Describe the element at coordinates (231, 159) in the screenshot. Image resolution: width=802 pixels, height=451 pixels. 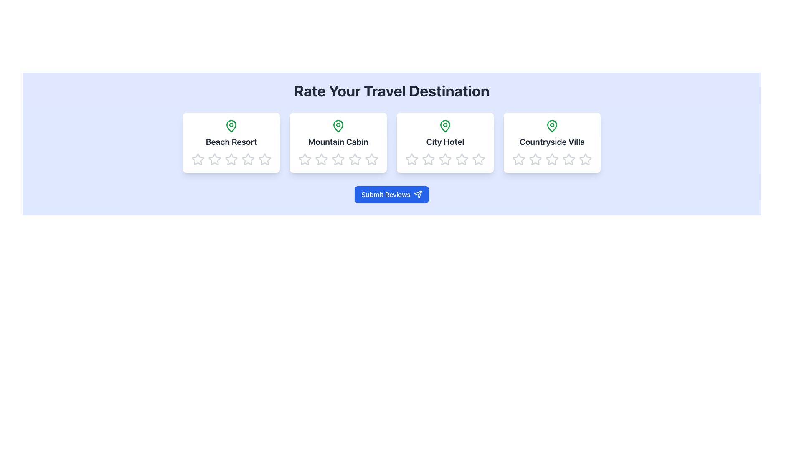
I see `the first Rating star icon, which is styled with a gray border and hollow center, located beneath the 'Beach Resort' label` at that location.